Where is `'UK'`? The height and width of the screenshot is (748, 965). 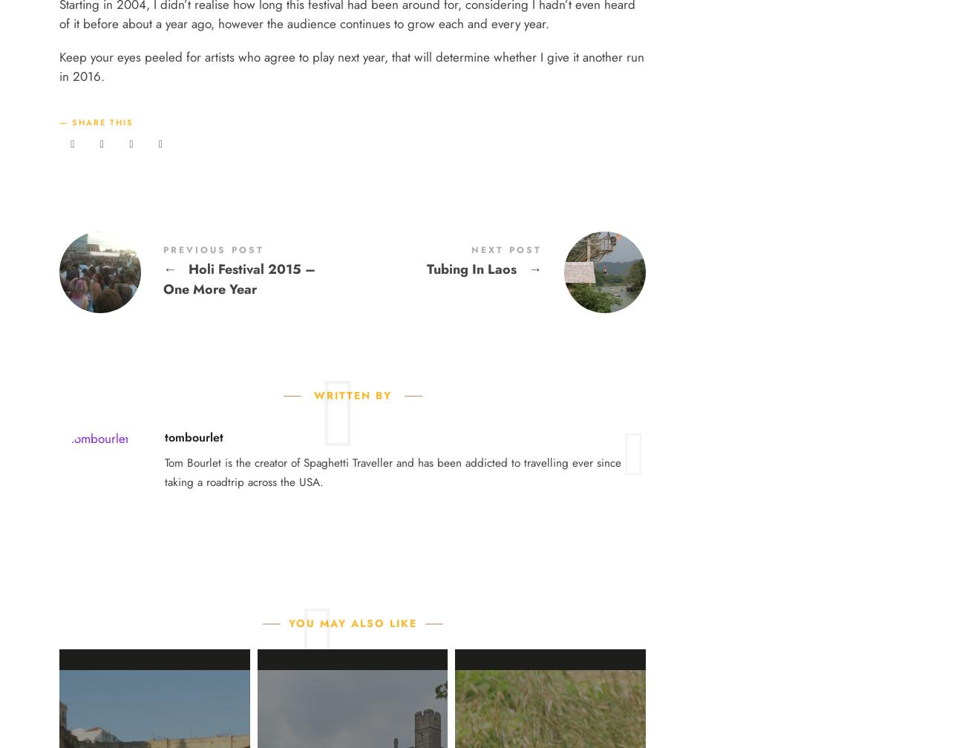 'UK' is located at coordinates (376, 134).